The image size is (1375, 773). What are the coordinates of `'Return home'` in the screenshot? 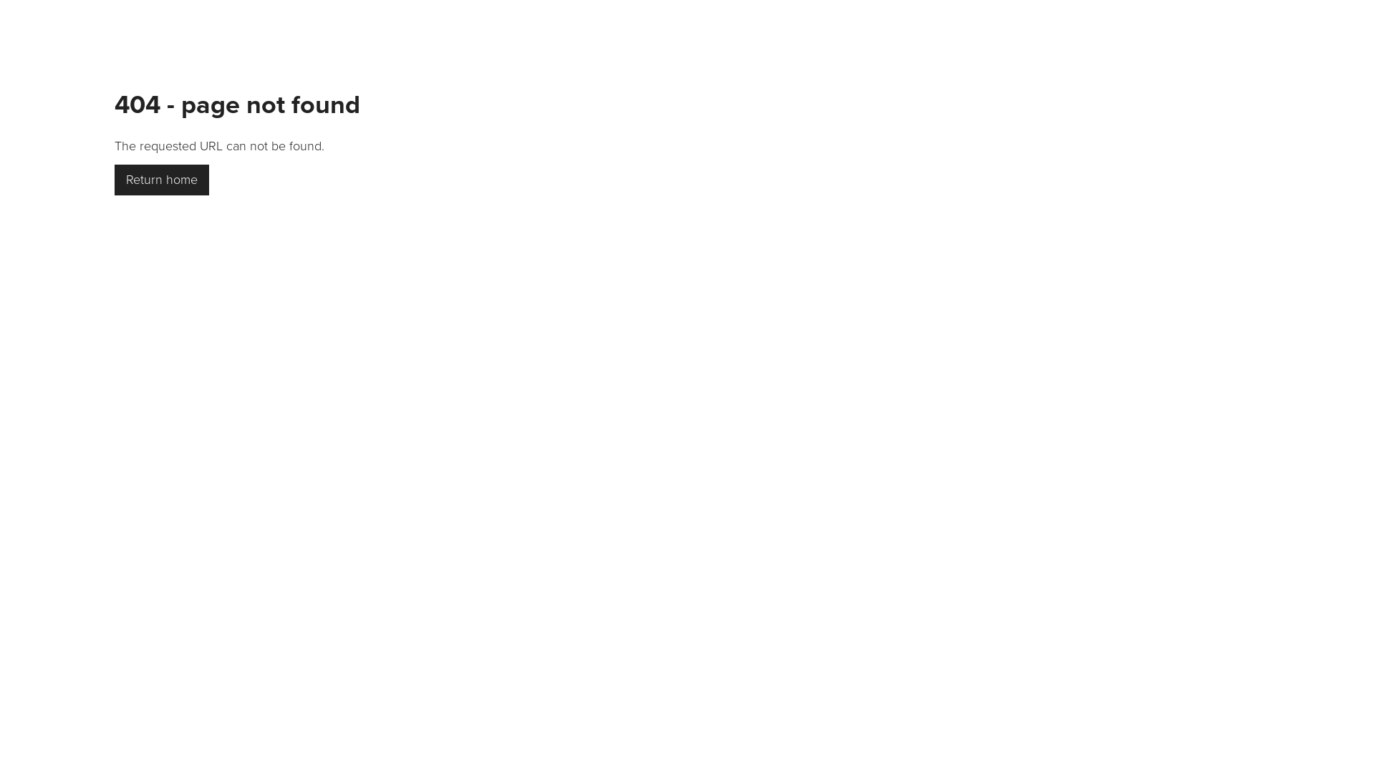 It's located at (113, 179).